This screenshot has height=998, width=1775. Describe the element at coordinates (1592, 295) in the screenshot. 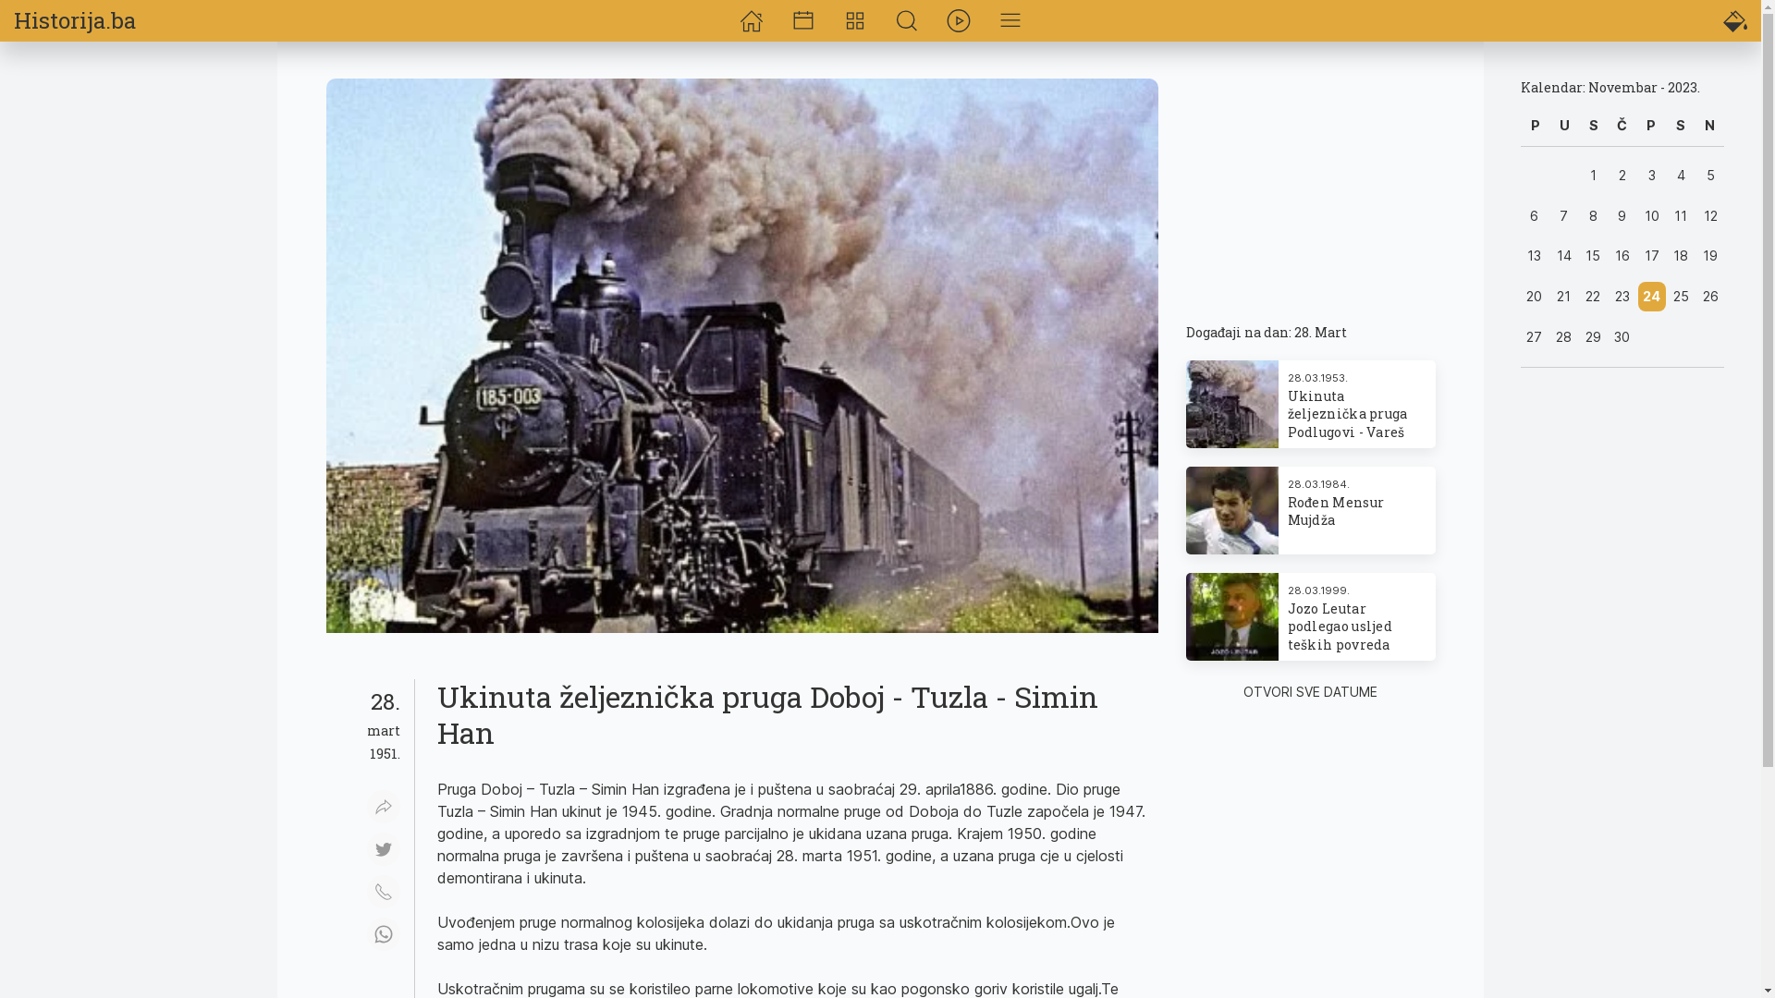

I see `'22'` at that location.